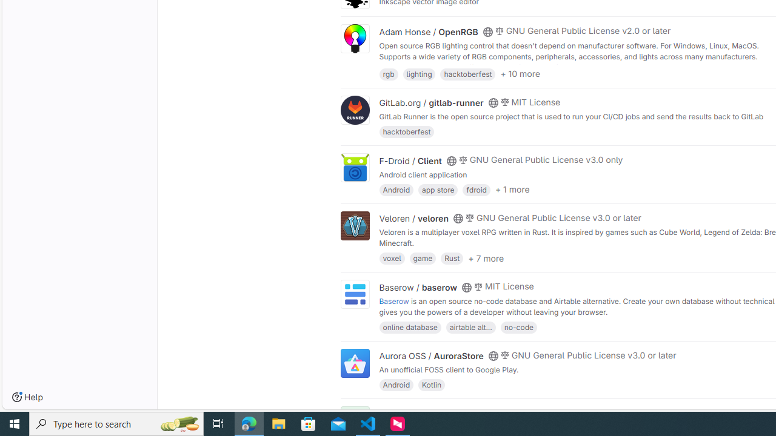 The width and height of the screenshot is (776, 436). I want to click on 'hacktoberfest', so click(406, 131).